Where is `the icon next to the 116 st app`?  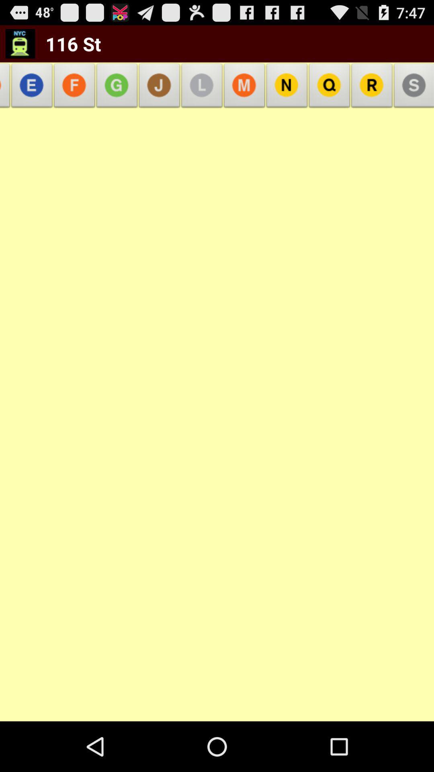 the icon next to the 116 st app is located at coordinates (20, 43).